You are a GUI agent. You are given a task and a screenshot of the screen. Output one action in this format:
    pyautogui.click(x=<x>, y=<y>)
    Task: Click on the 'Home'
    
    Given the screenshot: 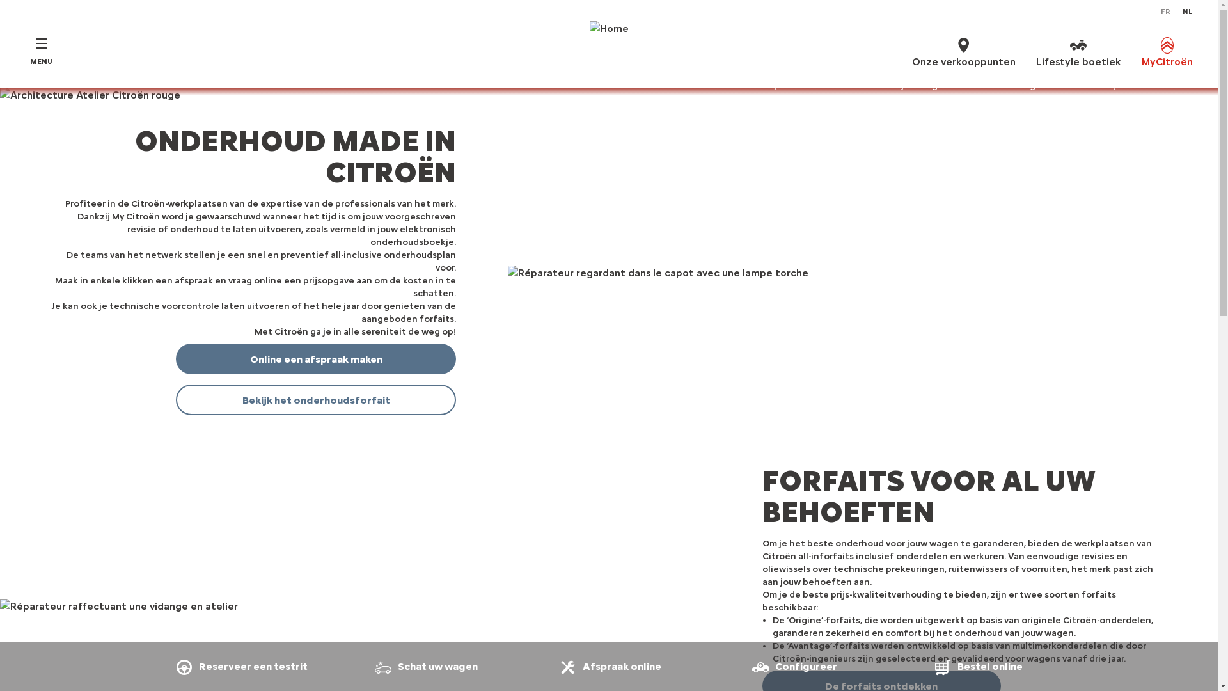 What is the action you would take?
    pyautogui.click(x=608, y=51)
    